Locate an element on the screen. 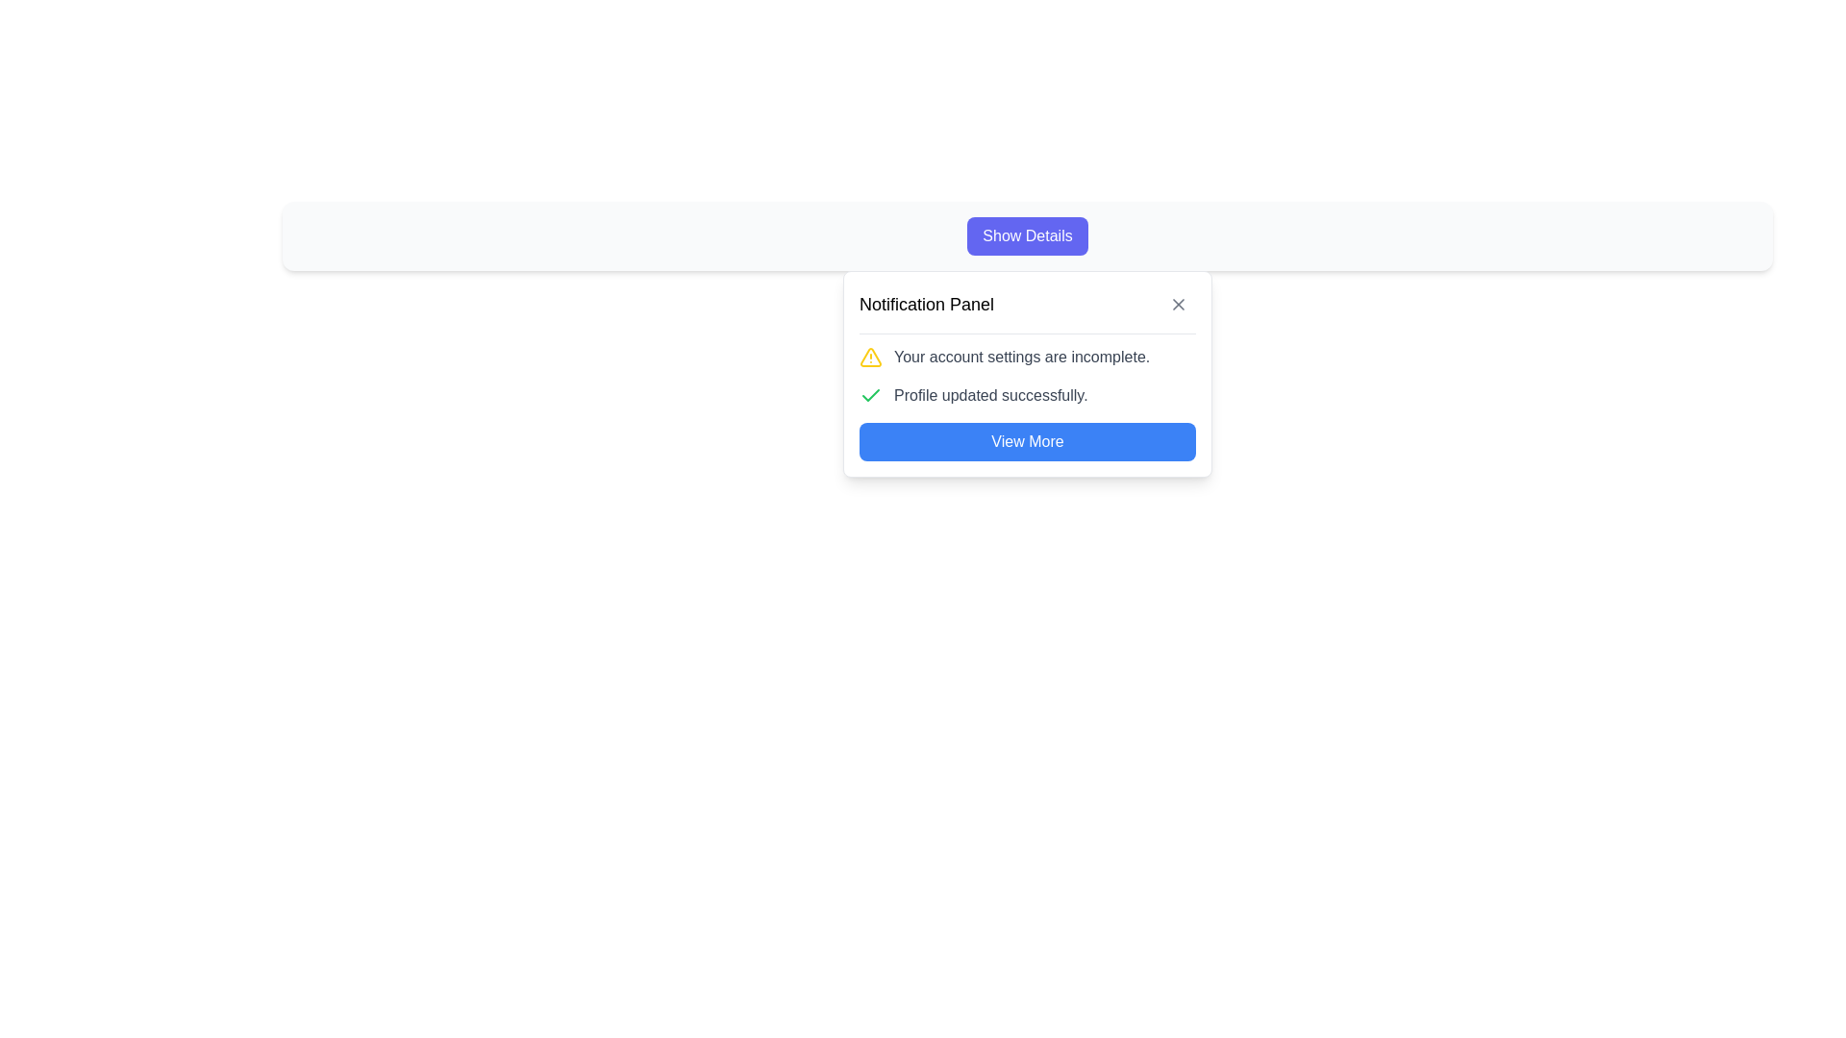  the purple button labeled 'Show Details' is located at coordinates (1027, 235).